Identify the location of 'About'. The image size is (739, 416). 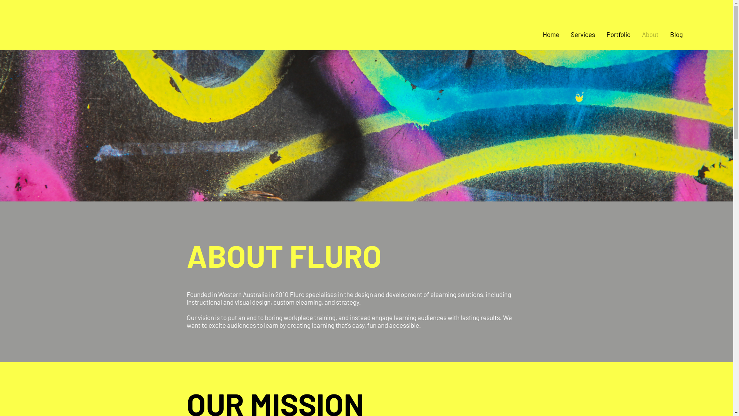
(650, 34).